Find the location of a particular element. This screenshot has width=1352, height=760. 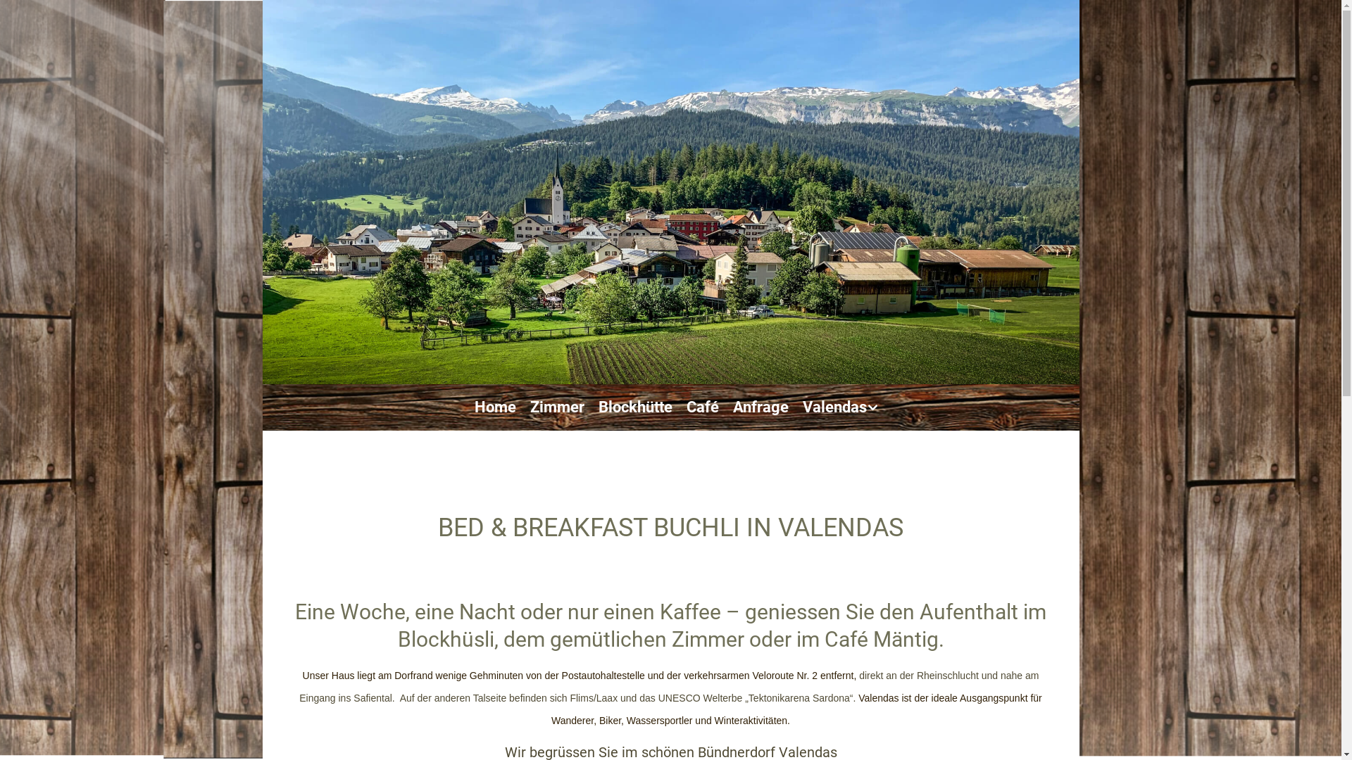

'Home' is located at coordinates (474, 407).